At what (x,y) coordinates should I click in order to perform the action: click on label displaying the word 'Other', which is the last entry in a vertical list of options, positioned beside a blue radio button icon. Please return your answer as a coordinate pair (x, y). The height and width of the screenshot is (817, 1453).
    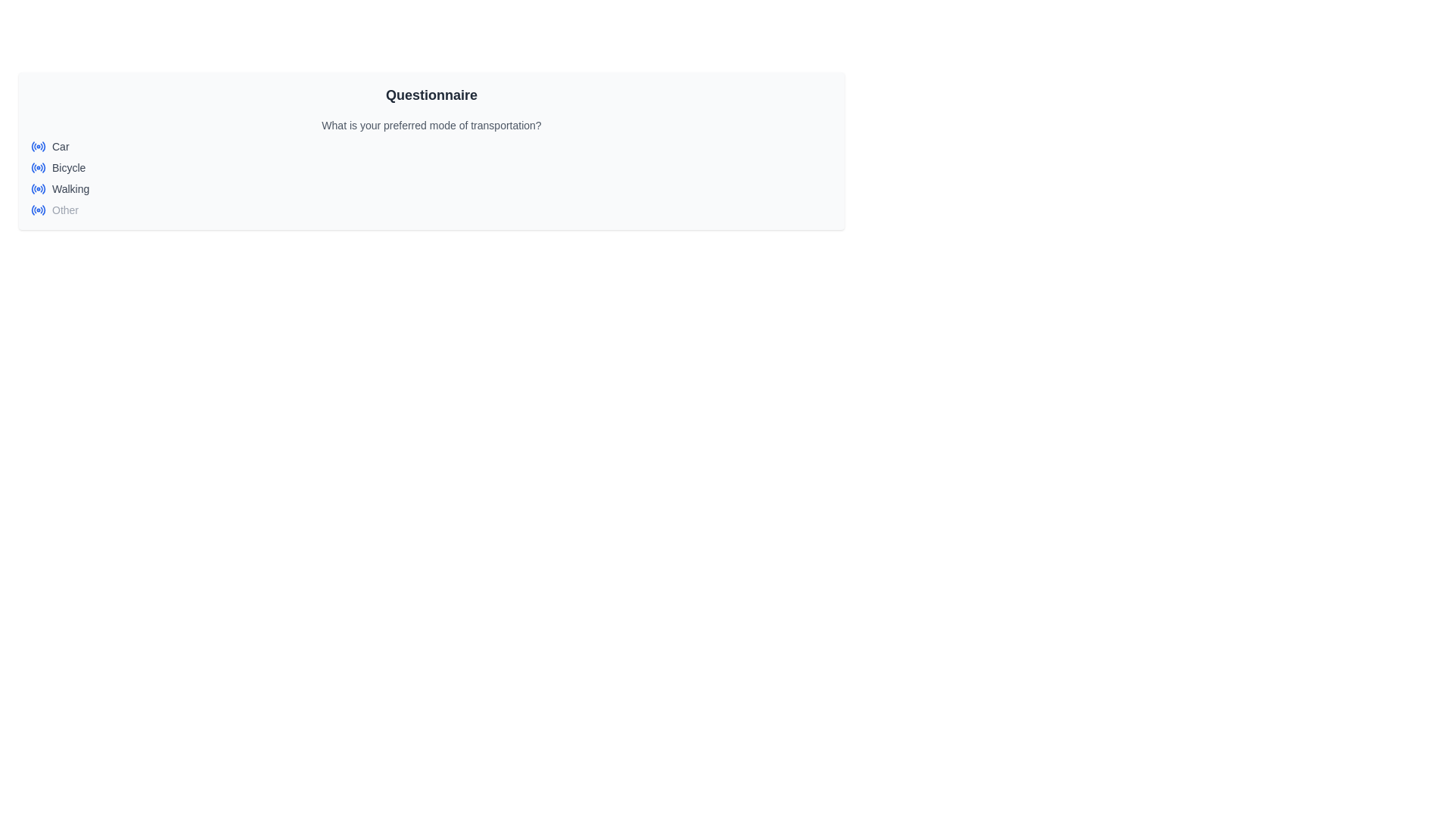
    Looking at the image, I should click on (64, 210).